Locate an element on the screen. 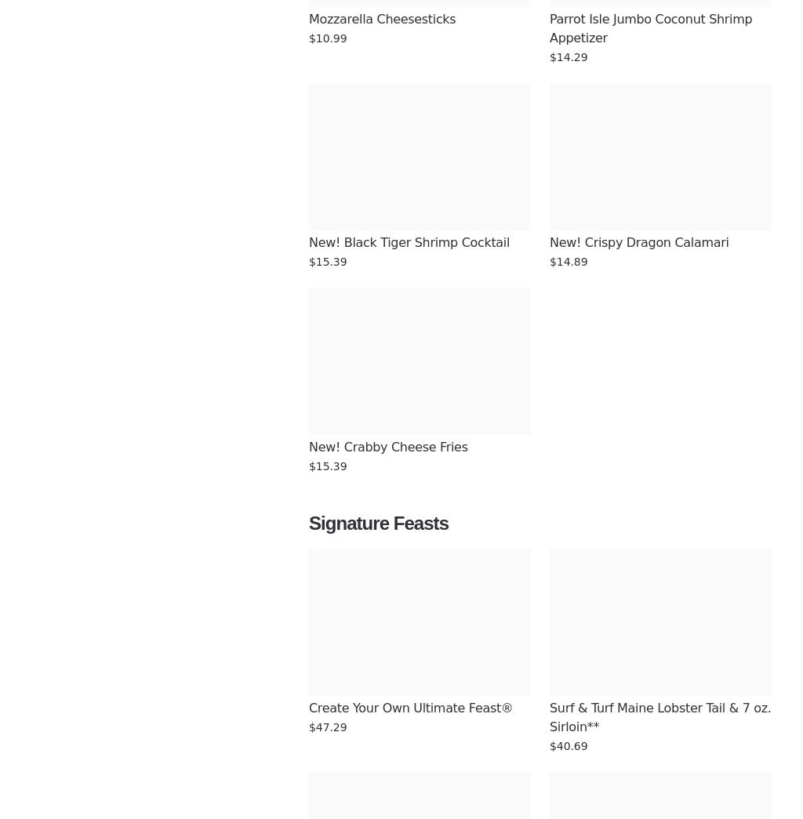  '$10.99' is located at coordinates (308, 38).